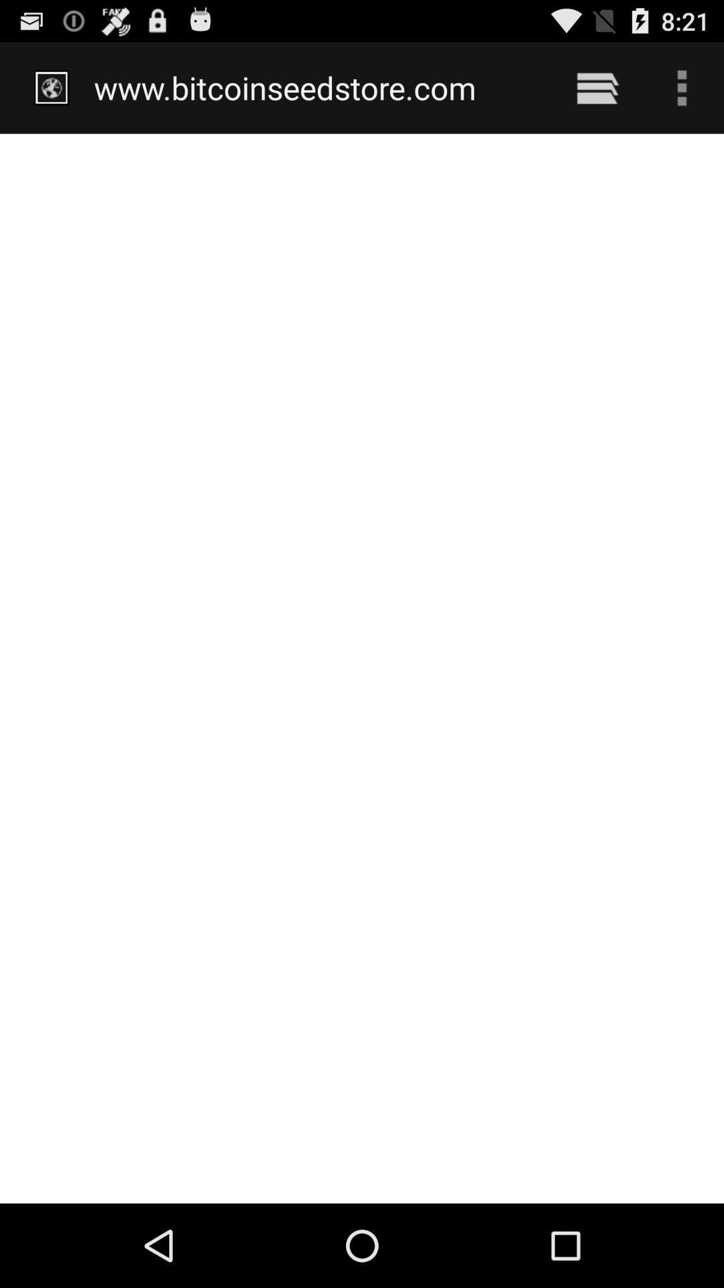 This screenshot has height=1288, width=724. What do you see at coordinates (597, 87) in the screenshot?
I see `item next to www.bitcoinseedstore.com icon` at bounding box center [597, 87].